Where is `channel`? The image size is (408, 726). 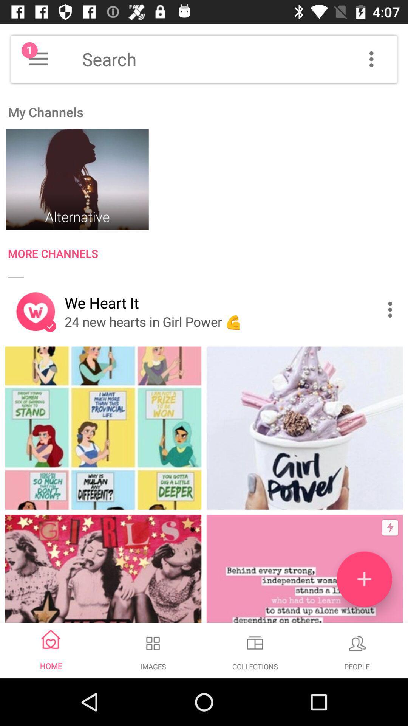
channel is located at coordinates (364, 579).